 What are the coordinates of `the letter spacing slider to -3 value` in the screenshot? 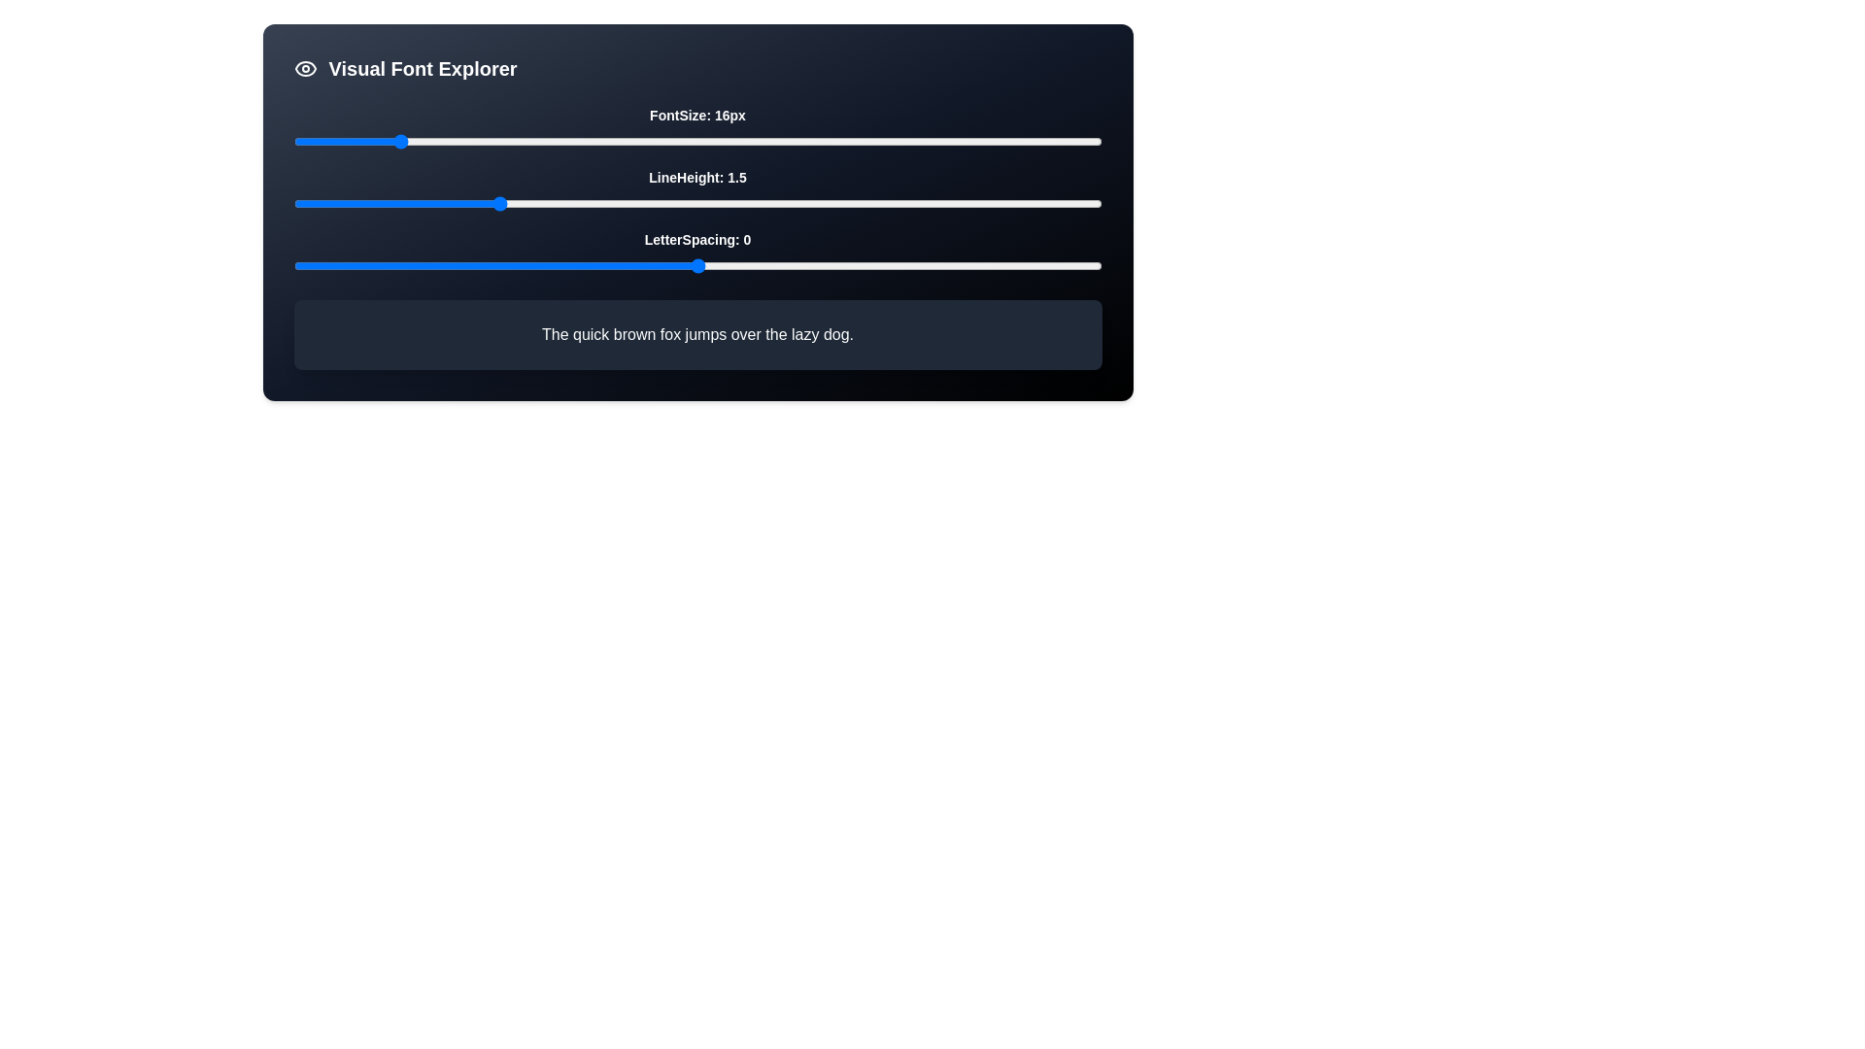 It's located at (454, 265).